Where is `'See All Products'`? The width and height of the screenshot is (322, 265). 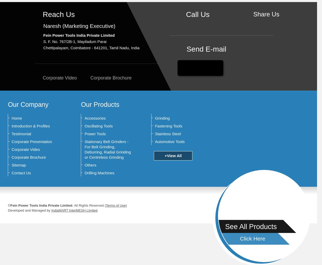
'See All Products' is located at coordinates (250, 227).